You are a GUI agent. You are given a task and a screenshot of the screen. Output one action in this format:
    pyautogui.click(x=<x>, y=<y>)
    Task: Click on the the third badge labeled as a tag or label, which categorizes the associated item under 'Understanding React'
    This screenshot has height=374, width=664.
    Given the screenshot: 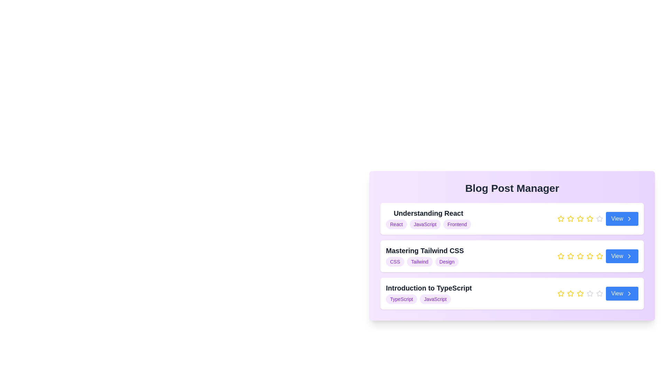 What is the action you would take?
    pyautogui.click(x=457, y=224)
    